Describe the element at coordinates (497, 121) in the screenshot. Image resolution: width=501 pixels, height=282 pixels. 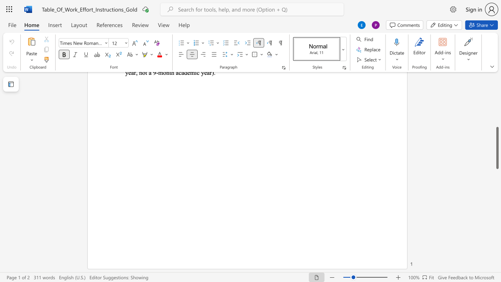
I see `the side scrollbar to bring the page up` at that location.